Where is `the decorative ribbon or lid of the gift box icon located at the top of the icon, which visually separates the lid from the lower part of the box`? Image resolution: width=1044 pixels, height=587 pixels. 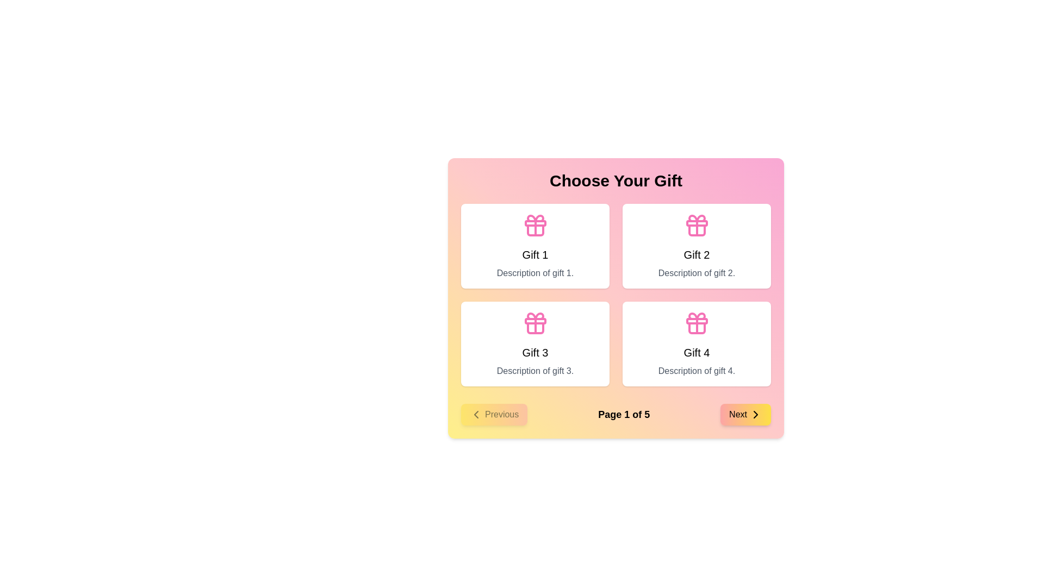
the decorative ribbon or lid of the gift box icon located at the top of the icon, which visually separates the lid from the lower part of the box is located at coordinates (697, 320).